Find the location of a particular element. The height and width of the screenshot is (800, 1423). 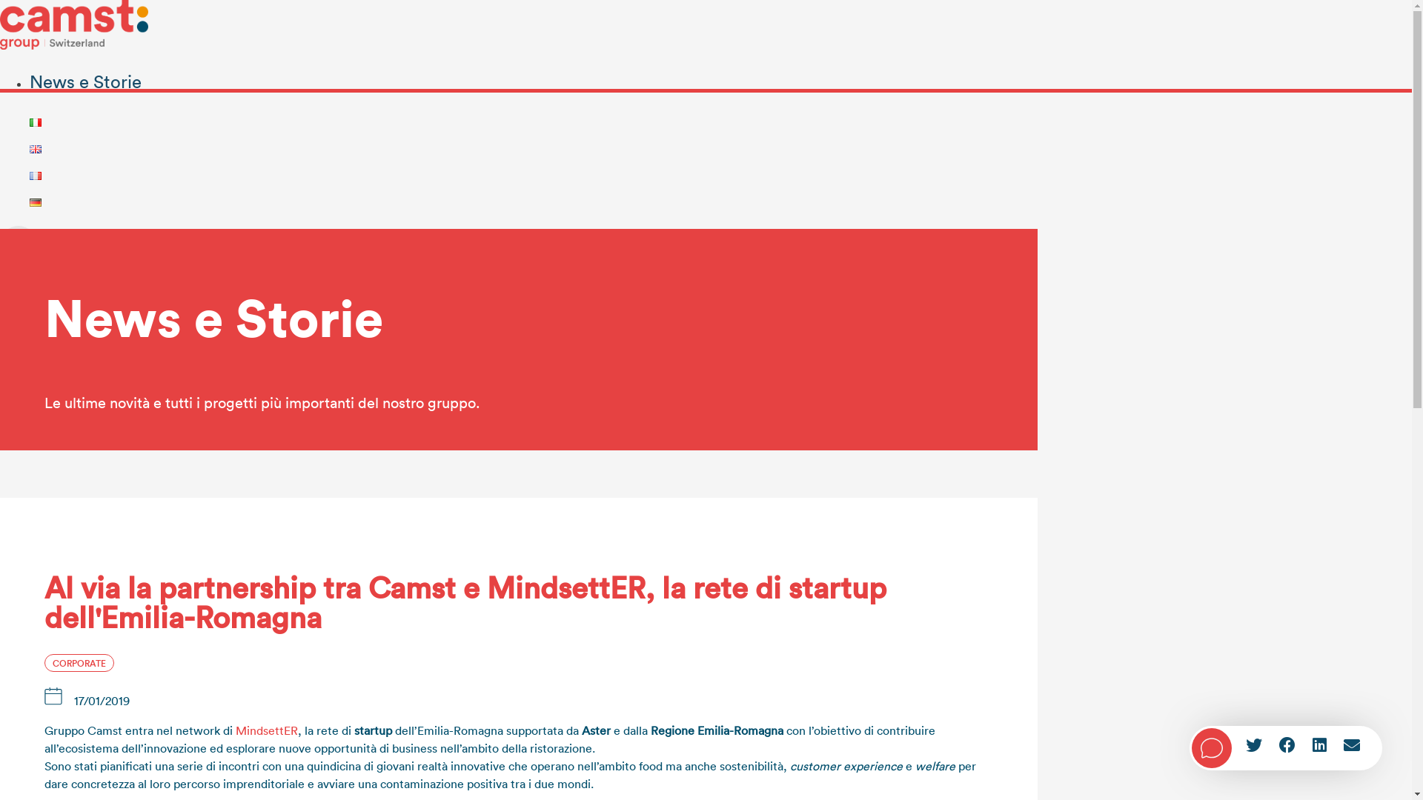

'MindsettER' is located at coordinates (267, 730).